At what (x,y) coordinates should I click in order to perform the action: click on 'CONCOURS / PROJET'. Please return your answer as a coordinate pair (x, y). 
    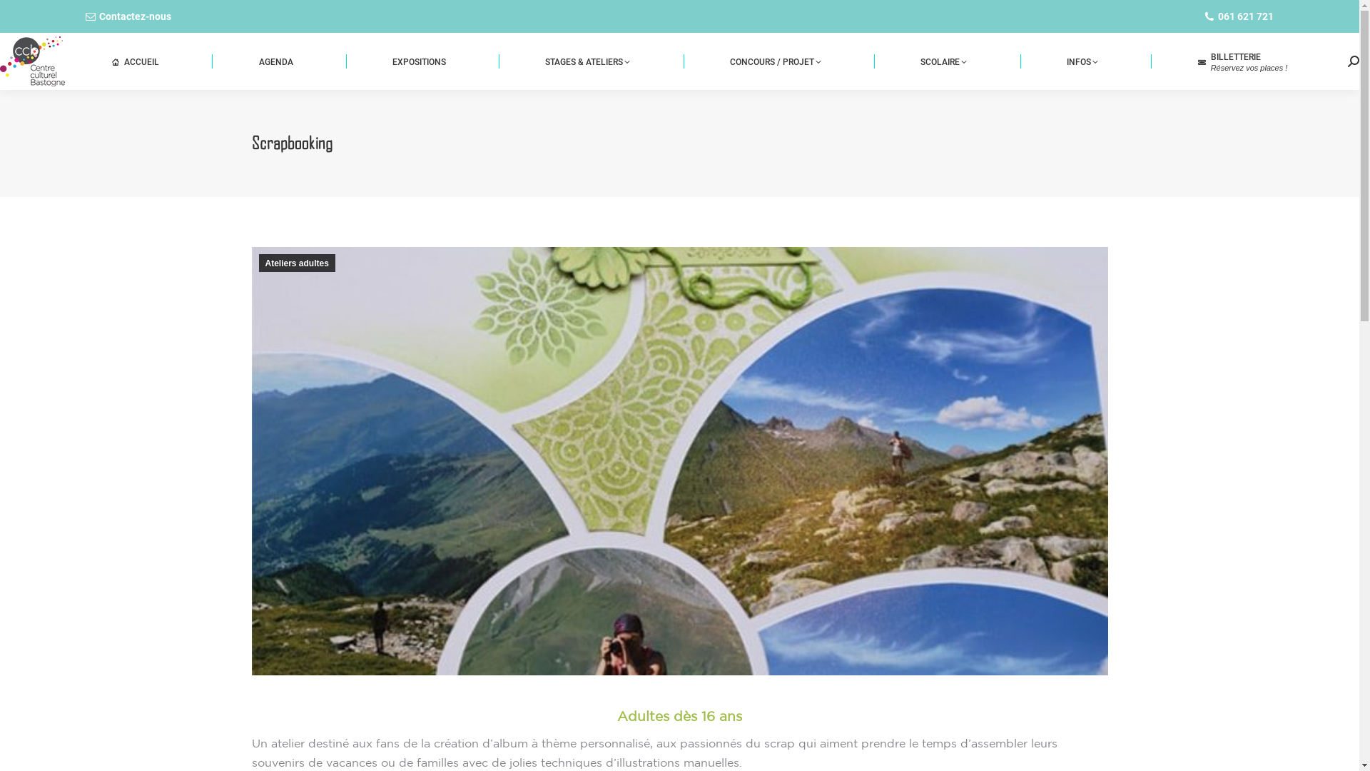
    Looking at the image, I should click on (774, 60).